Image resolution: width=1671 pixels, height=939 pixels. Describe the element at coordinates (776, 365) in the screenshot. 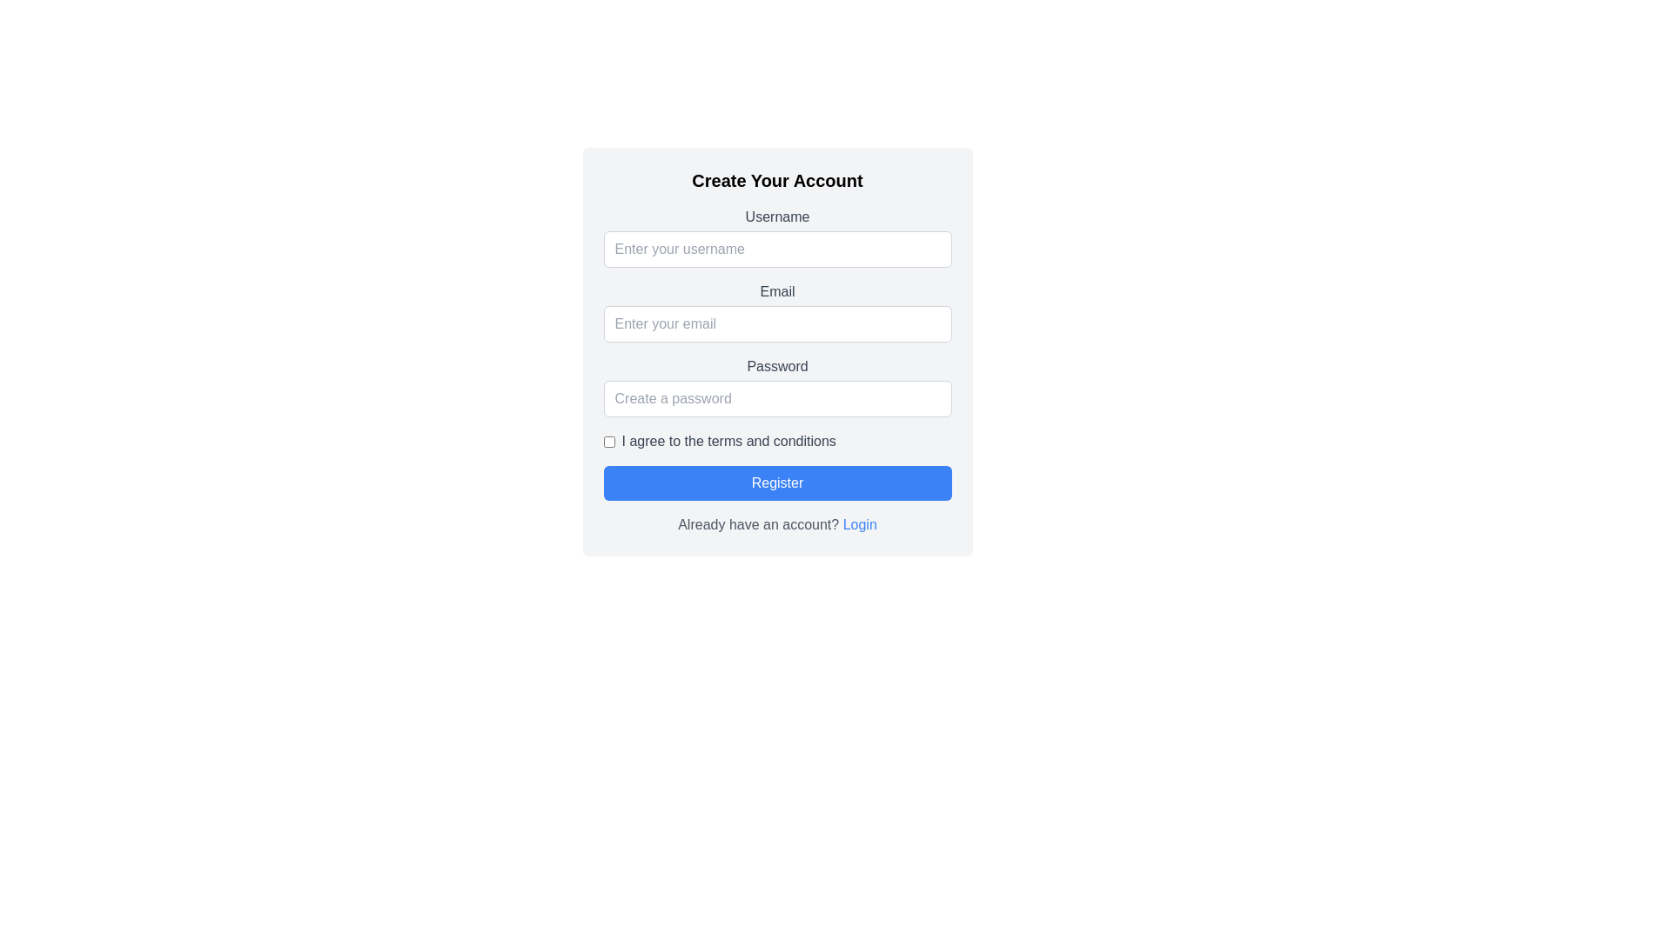

I see `the 'Password' label, which is a medium-weight, gray-colored text positioned above the password input field` at that location.